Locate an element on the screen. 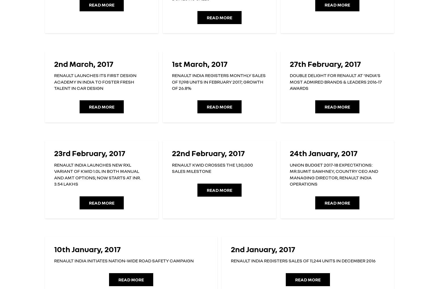 Image resolution: width=439 pixels, height=289 pixels. '27th February, 2017' is located at coordinates (325, 63).